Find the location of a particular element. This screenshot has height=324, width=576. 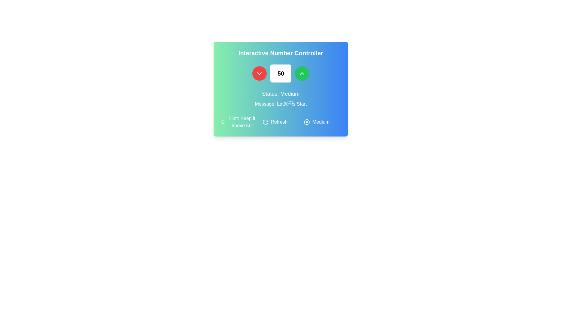

the text label displaying the word 'Medium' styled in a sans-serif font and white color, located in the bottom-right portion of a rectangular card interface is located at coordinates (320, 122).